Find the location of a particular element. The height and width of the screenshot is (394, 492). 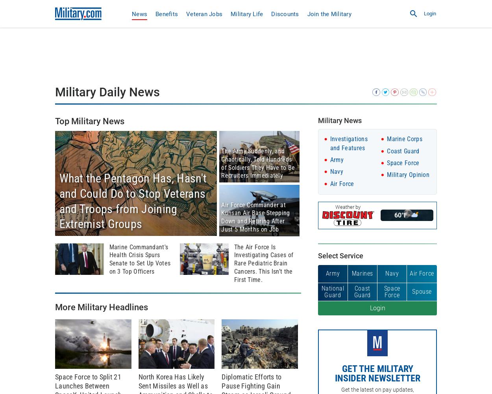

'Marines' is located at coordinates (351, 273).